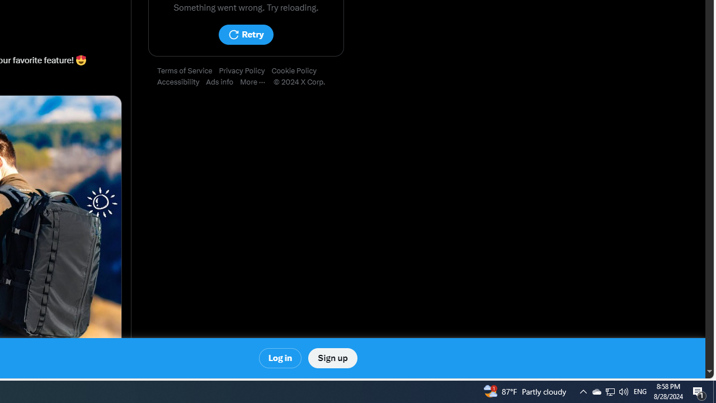 This screenshot has width=716, height=403. I want to click on 'Terms of Service', so click(188, 71).